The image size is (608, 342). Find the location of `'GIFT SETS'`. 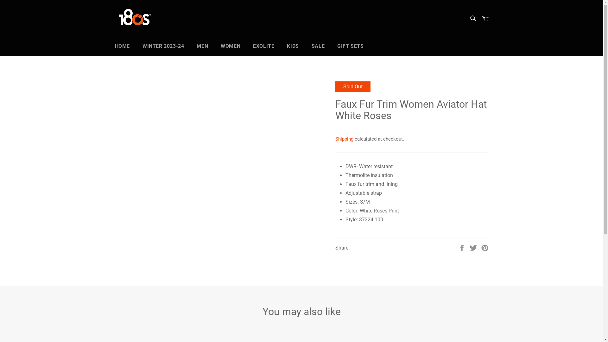

'GIFT SETS' is located at coordinates (350, 46).